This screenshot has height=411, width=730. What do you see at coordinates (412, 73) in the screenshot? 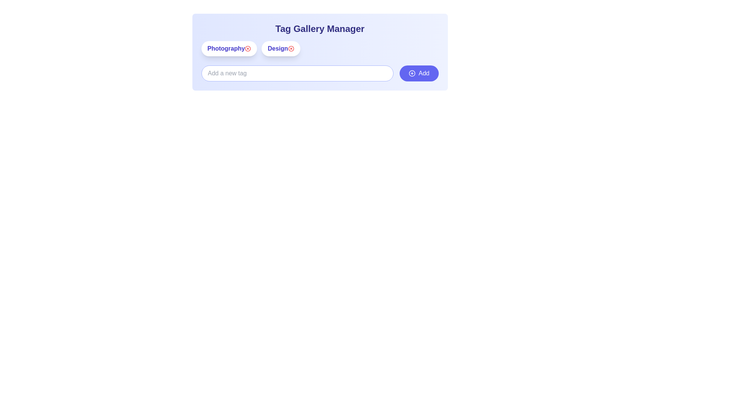
I see `the circular blue icon with a '+' symbol inside, located next to the 'Add' button` at bounding box center [412, 73].